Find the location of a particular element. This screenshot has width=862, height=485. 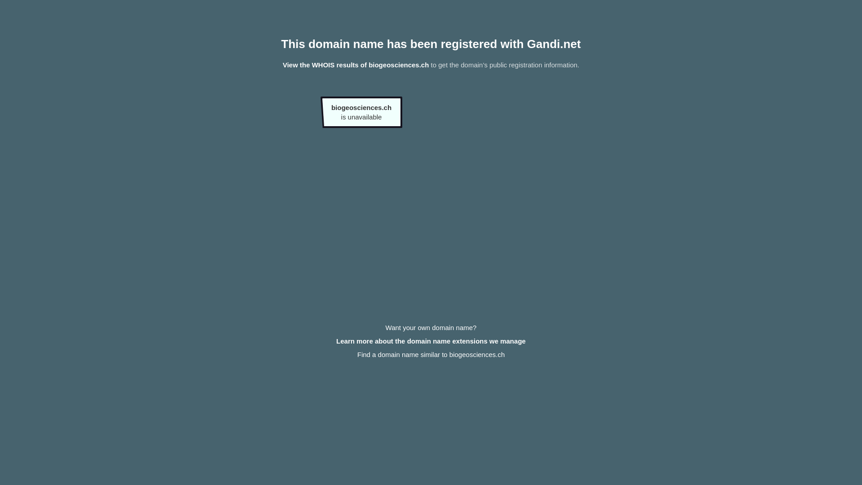

'Find a domain name similar to biogeosciences.ch' is located at coordinates (431, 354).